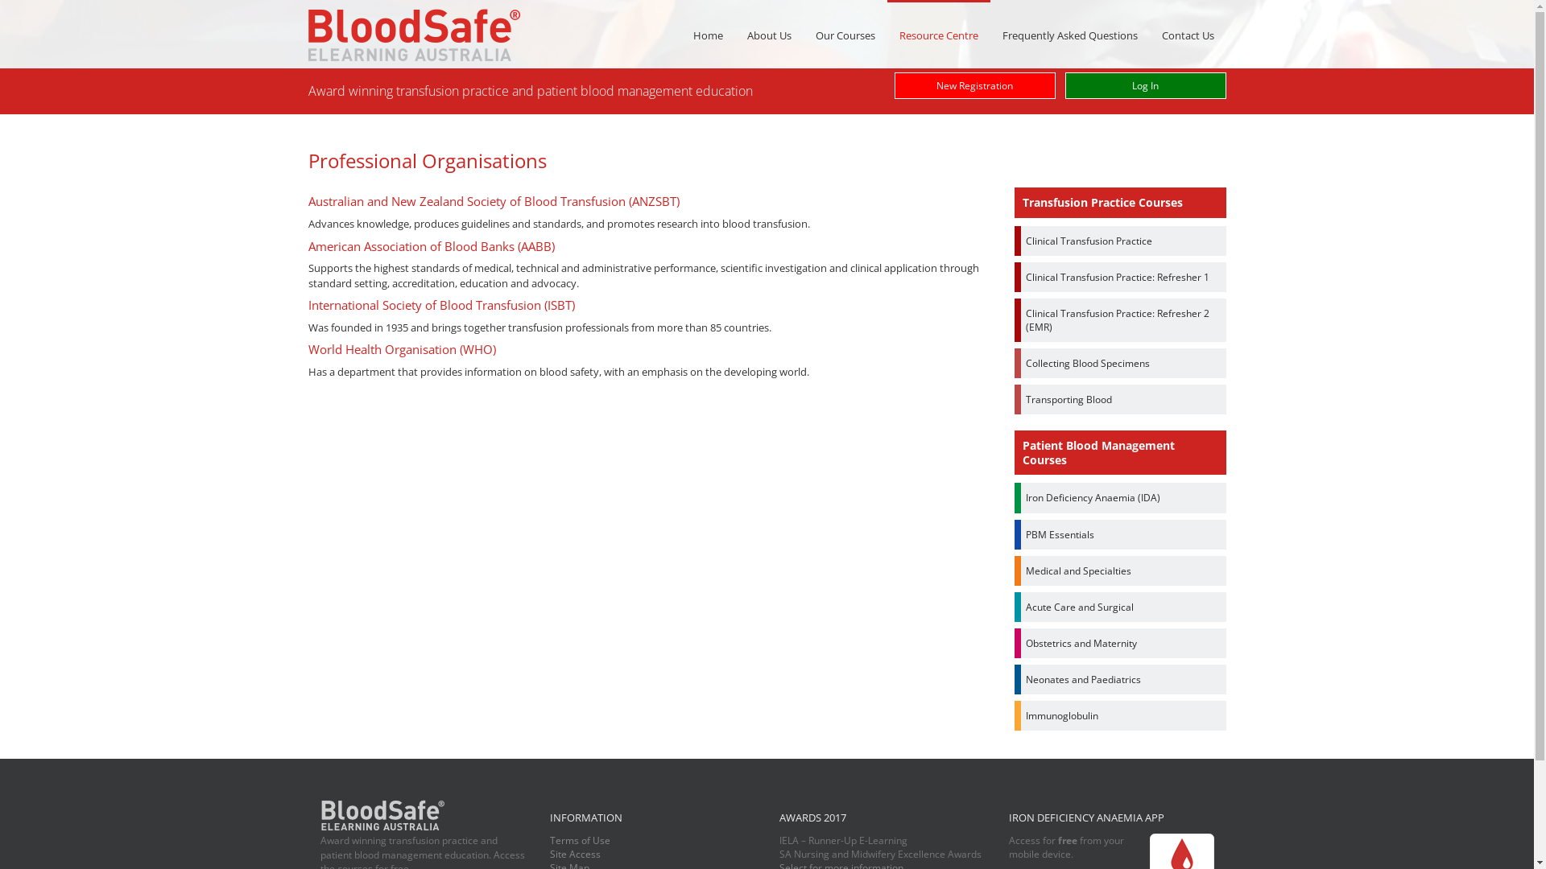 The height and width of the screenshot is (869, 1546). I want to click on 'Home', so click(708, 35).